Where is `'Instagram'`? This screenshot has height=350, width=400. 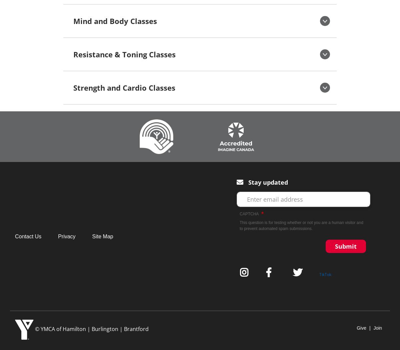
'Instagram' is located at coordinates (248, 272).